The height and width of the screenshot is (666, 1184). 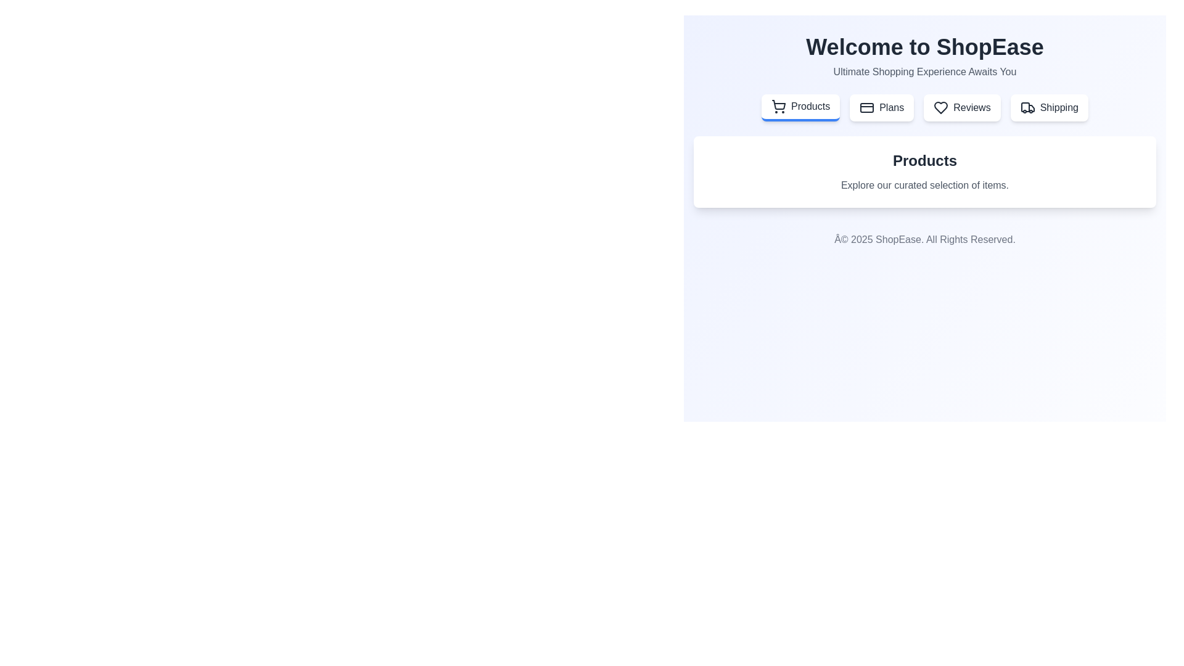 What do you see at coordinates (810, 106) in the screenshot?
I see `the 'Products' button in the top navigation bar, which is labeled by the text element located on its right-hand side` at bounding box center [810, 106].